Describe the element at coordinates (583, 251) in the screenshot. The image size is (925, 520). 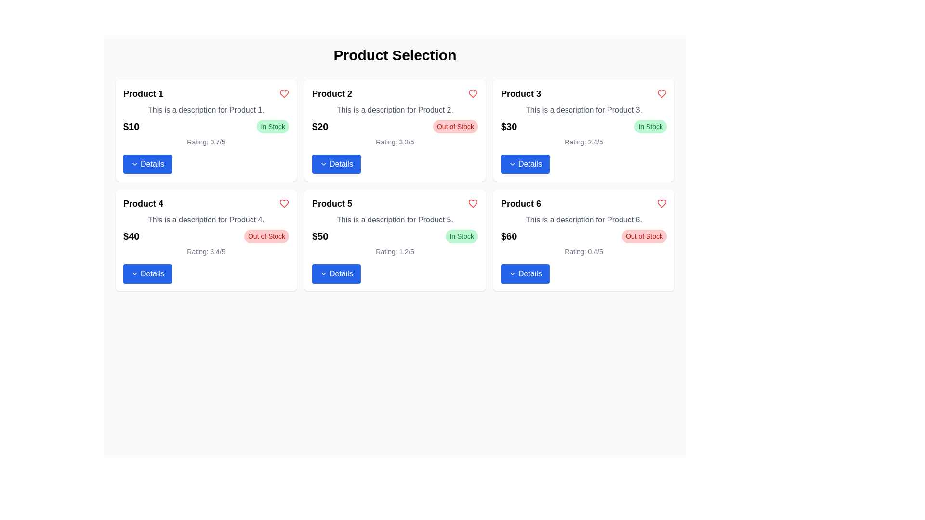
I see `the text label indicating the rating for 'Product 6', which is located above the blue 'Details' button and below the red 'Out of Stock' label` at that location.